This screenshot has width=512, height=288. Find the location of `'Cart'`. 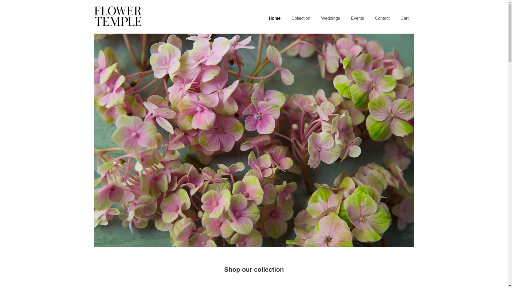

'Cart' is located at coordinates (404, 18).